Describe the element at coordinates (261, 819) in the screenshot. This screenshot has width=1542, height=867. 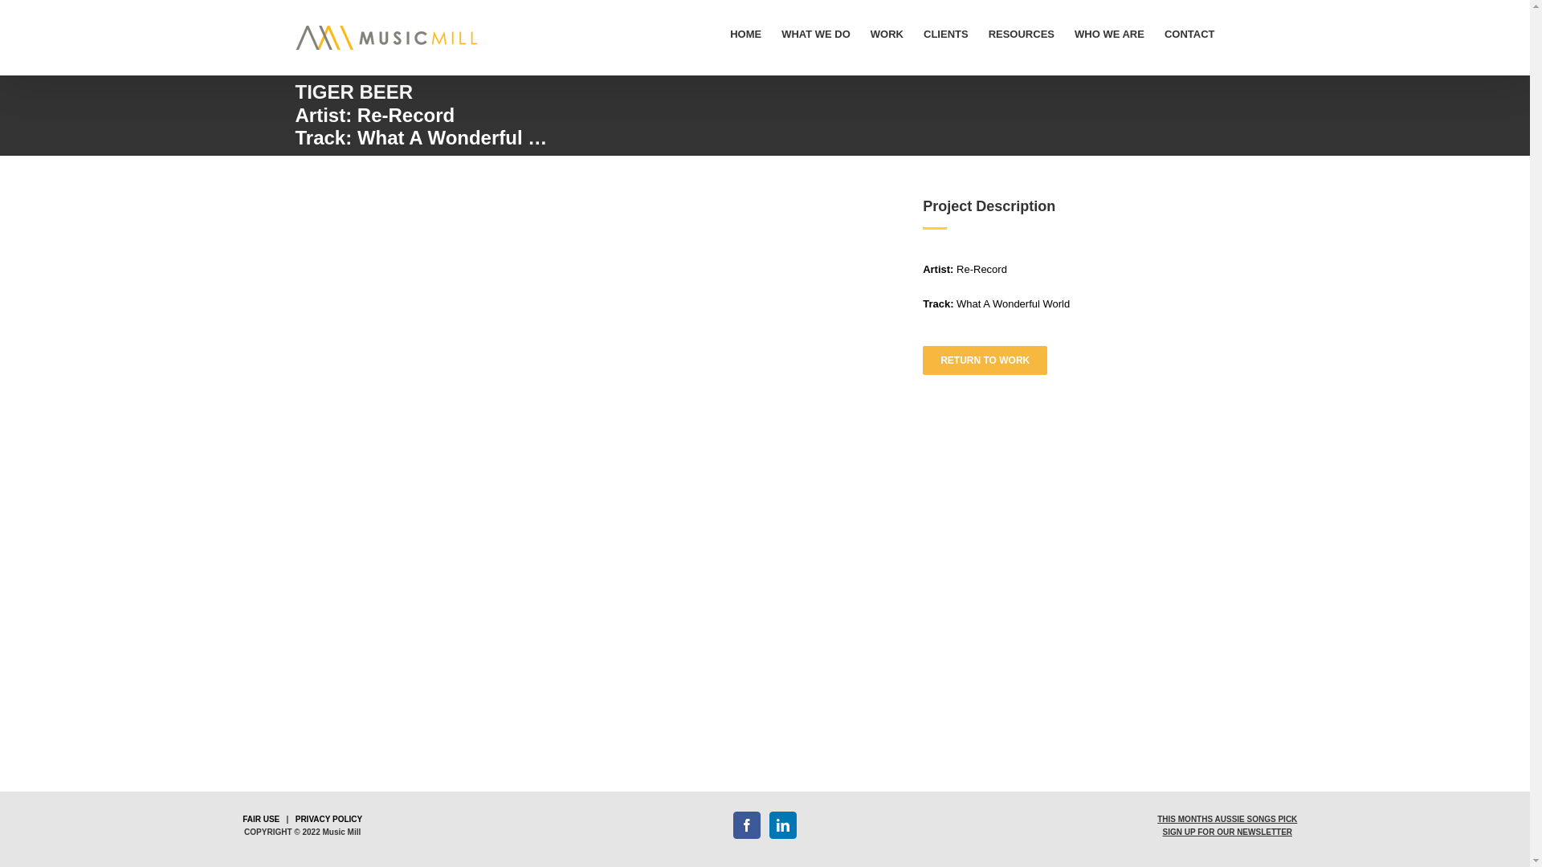
I see `'FAIR USE'` at that location.